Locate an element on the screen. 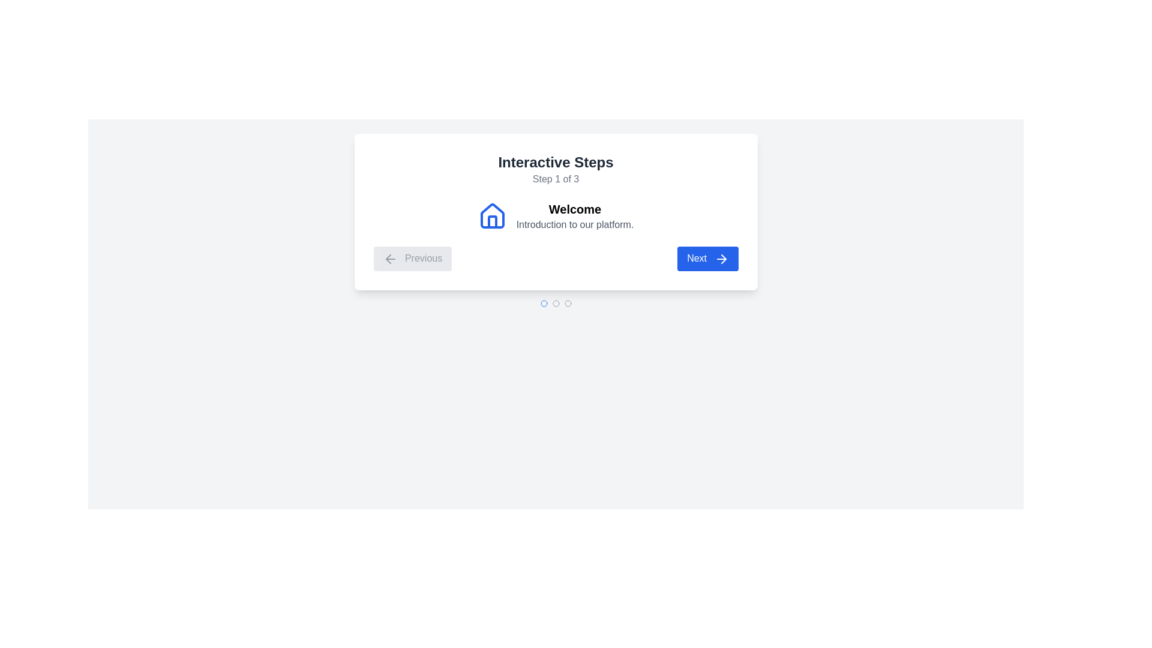 The height and width of the screenshot is (648, 1152). the second navigation step indicator circle, which is positioned at the bottom center of the interface, directly below the main content box is located at coordinates (555, 302).